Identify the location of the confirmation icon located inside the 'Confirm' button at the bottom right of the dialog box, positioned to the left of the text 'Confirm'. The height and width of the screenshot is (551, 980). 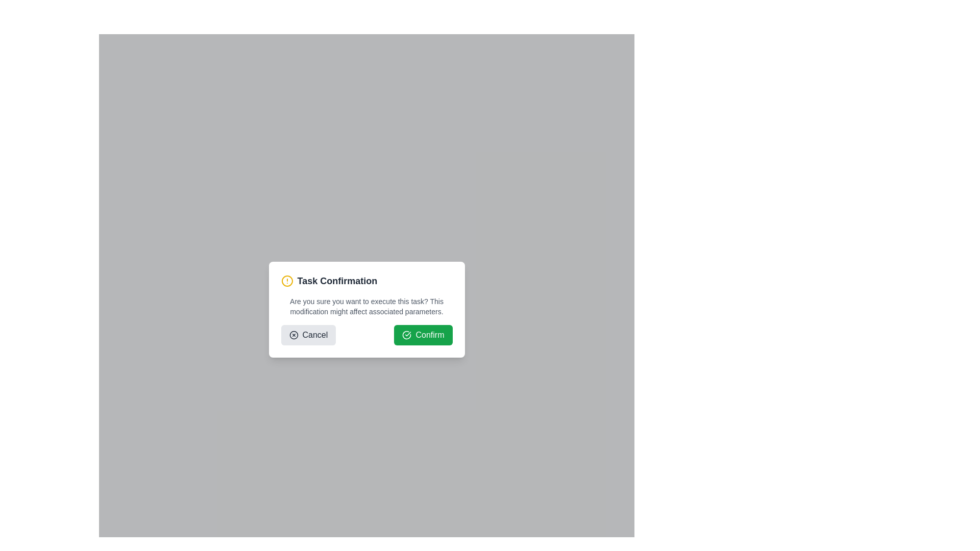
(406, 335).